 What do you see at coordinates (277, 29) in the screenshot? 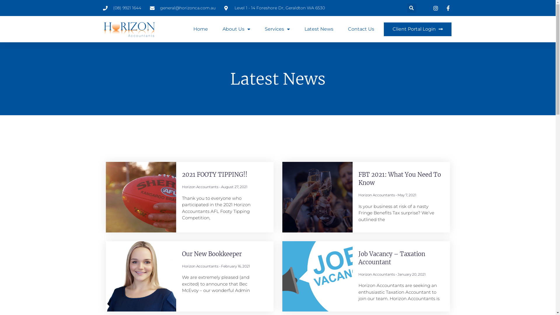
I see `'Services'` at bounding box center [277, 29].